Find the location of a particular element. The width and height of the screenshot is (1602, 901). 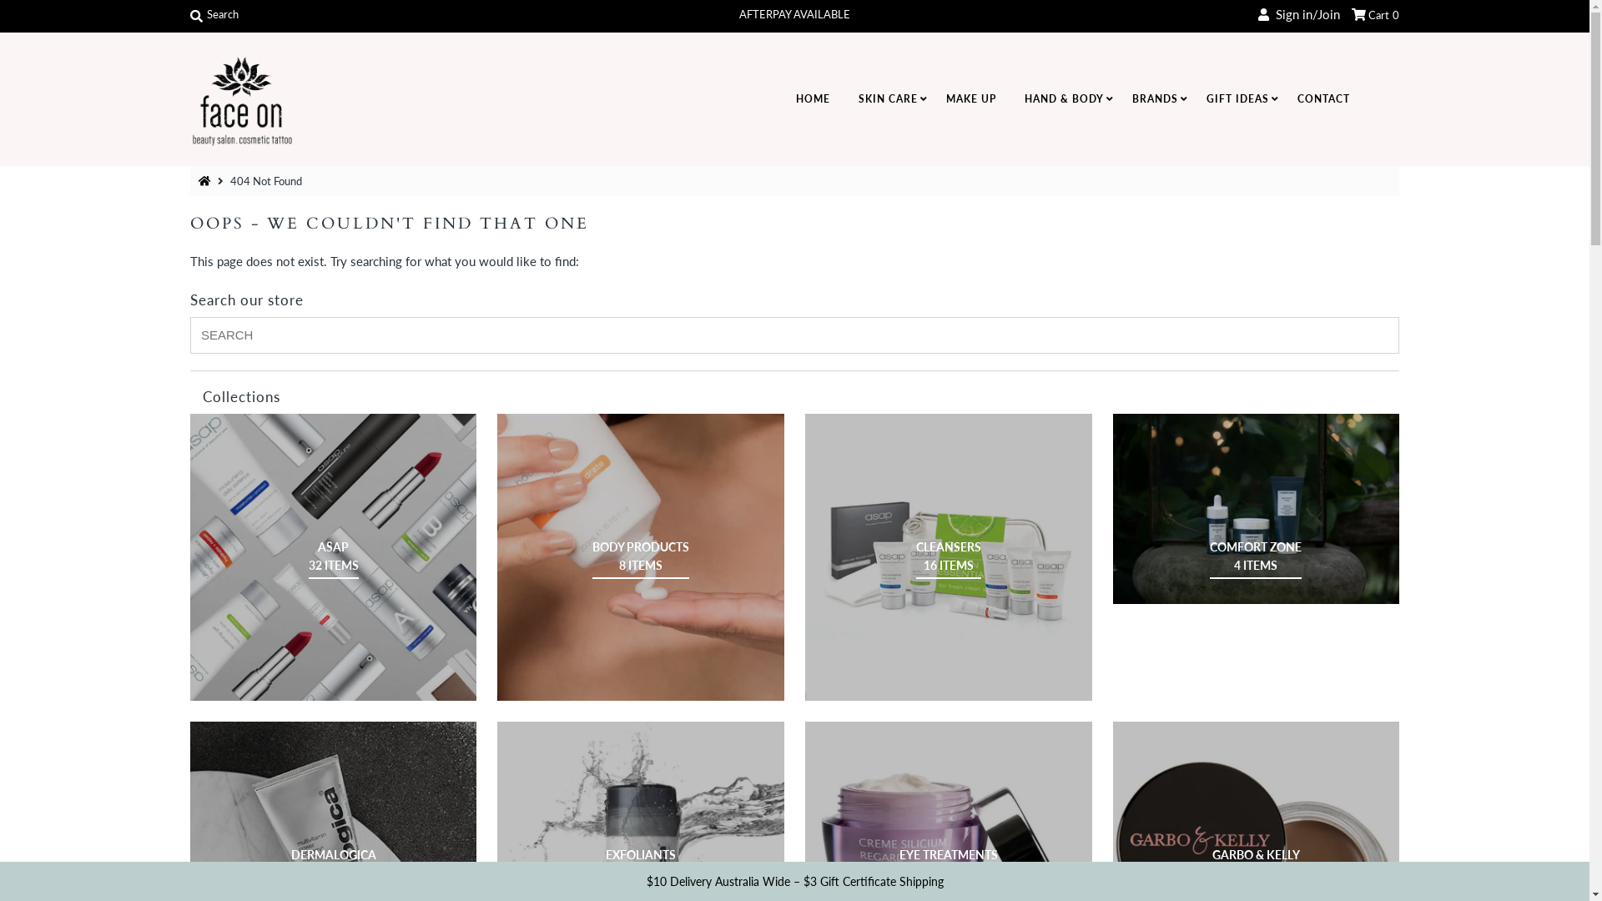

'GARBO & KELLY is located at coordinates (1256, 863).